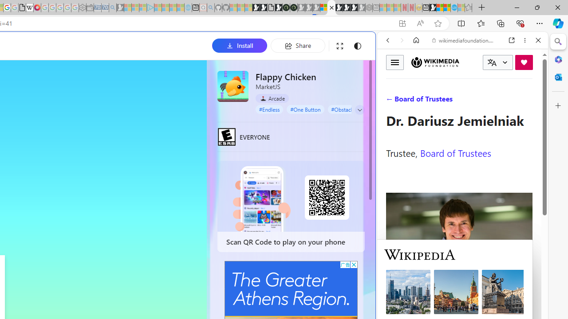 This screenshot has height=319, width=568. What do you see at coordinates (435, 62) in the screenshot?
I see `'Wikimedia Foundation'` at bounding box center [435, 62].